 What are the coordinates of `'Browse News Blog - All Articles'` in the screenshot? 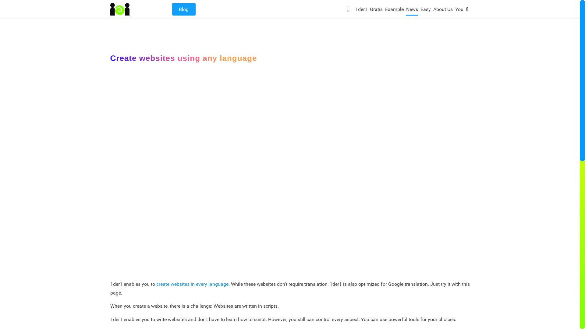 It's located at (172, 9).